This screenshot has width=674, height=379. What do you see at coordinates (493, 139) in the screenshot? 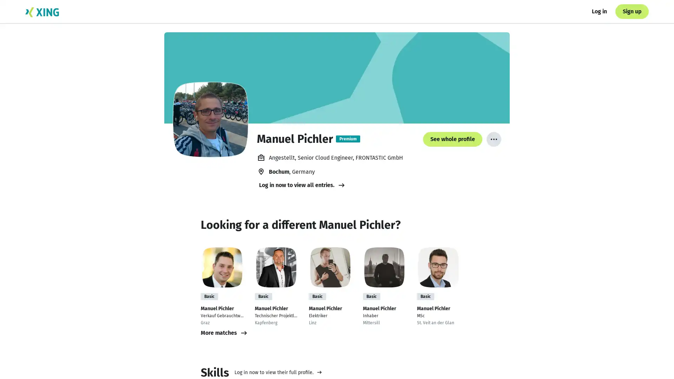
I see `More` at bounding box center [493, 139].